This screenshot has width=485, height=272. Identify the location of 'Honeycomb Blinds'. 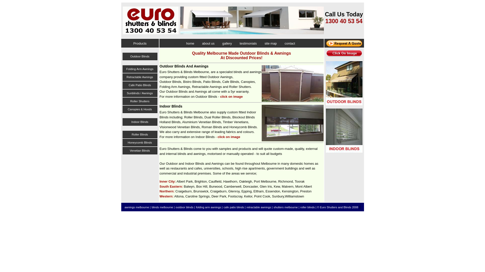
(122, 143).